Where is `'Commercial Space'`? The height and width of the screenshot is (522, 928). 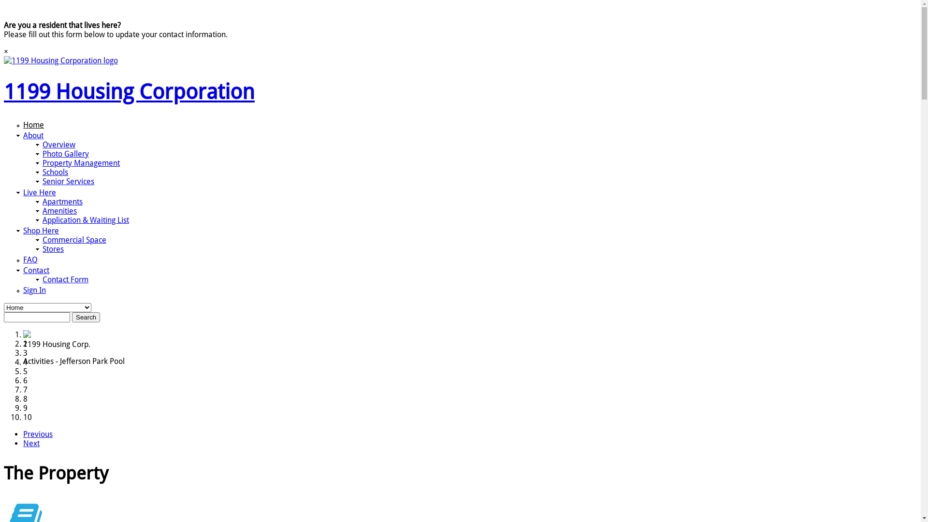
'Commercial Space' is located at coordinates (73, 239).